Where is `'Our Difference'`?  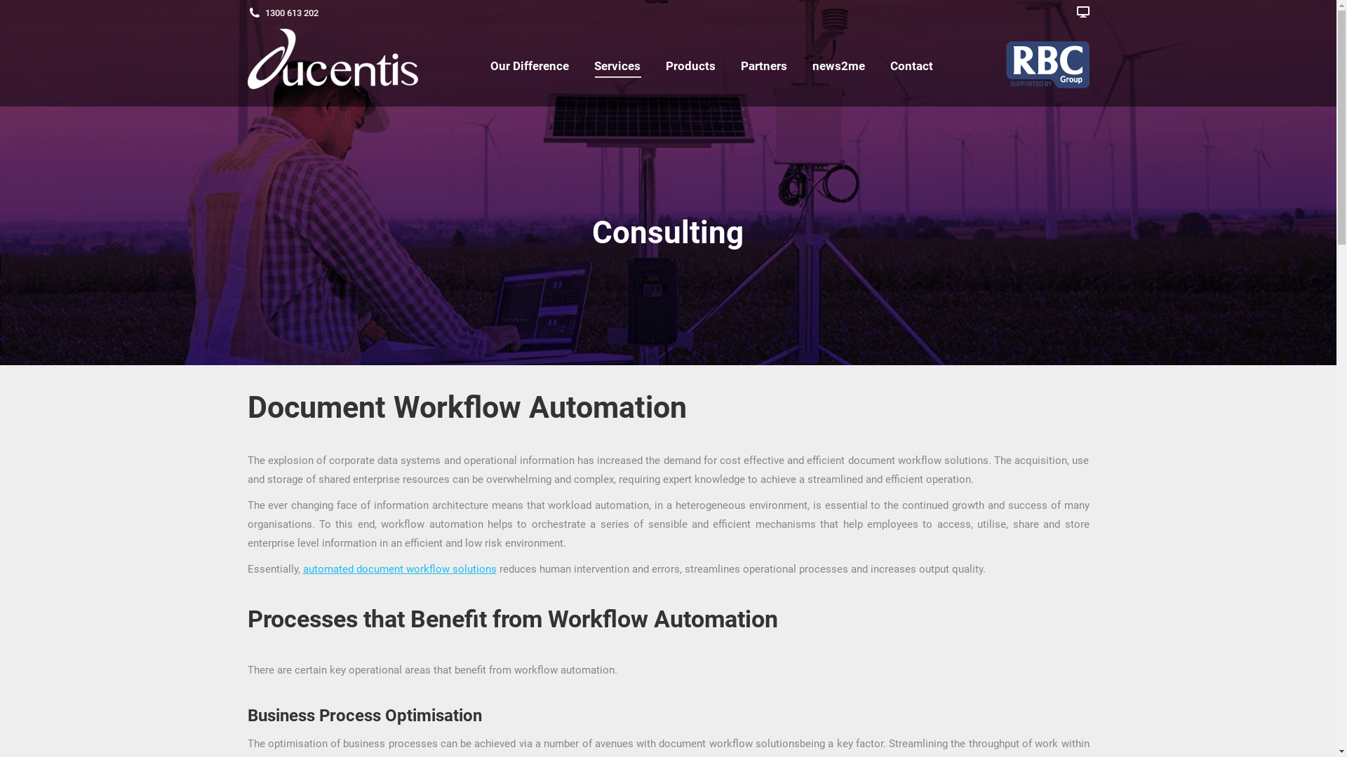 'Our Difference' is located at coordinates (528, 65).